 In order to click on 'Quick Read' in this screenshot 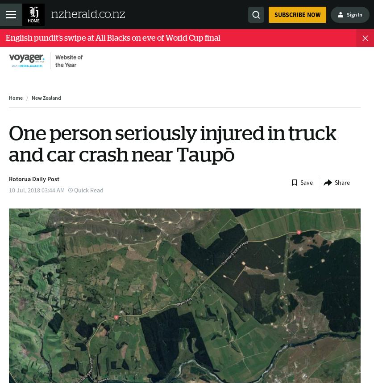, I will do `click(89, 189)`.